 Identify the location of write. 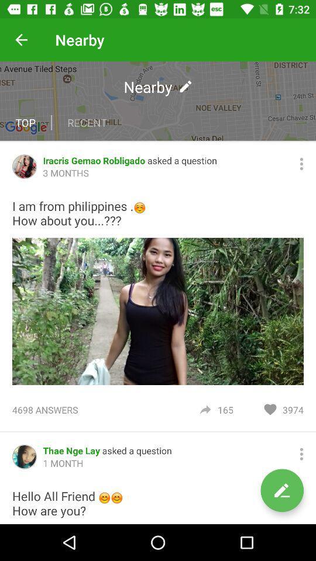
(281, 490).